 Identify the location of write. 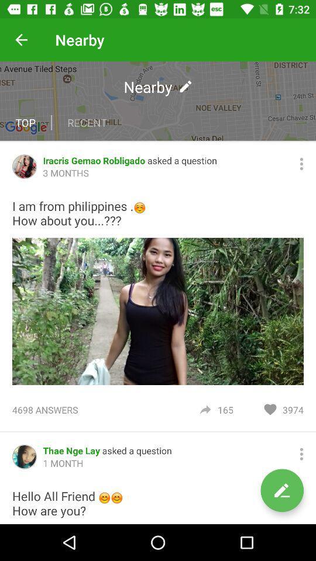
(281, 490).